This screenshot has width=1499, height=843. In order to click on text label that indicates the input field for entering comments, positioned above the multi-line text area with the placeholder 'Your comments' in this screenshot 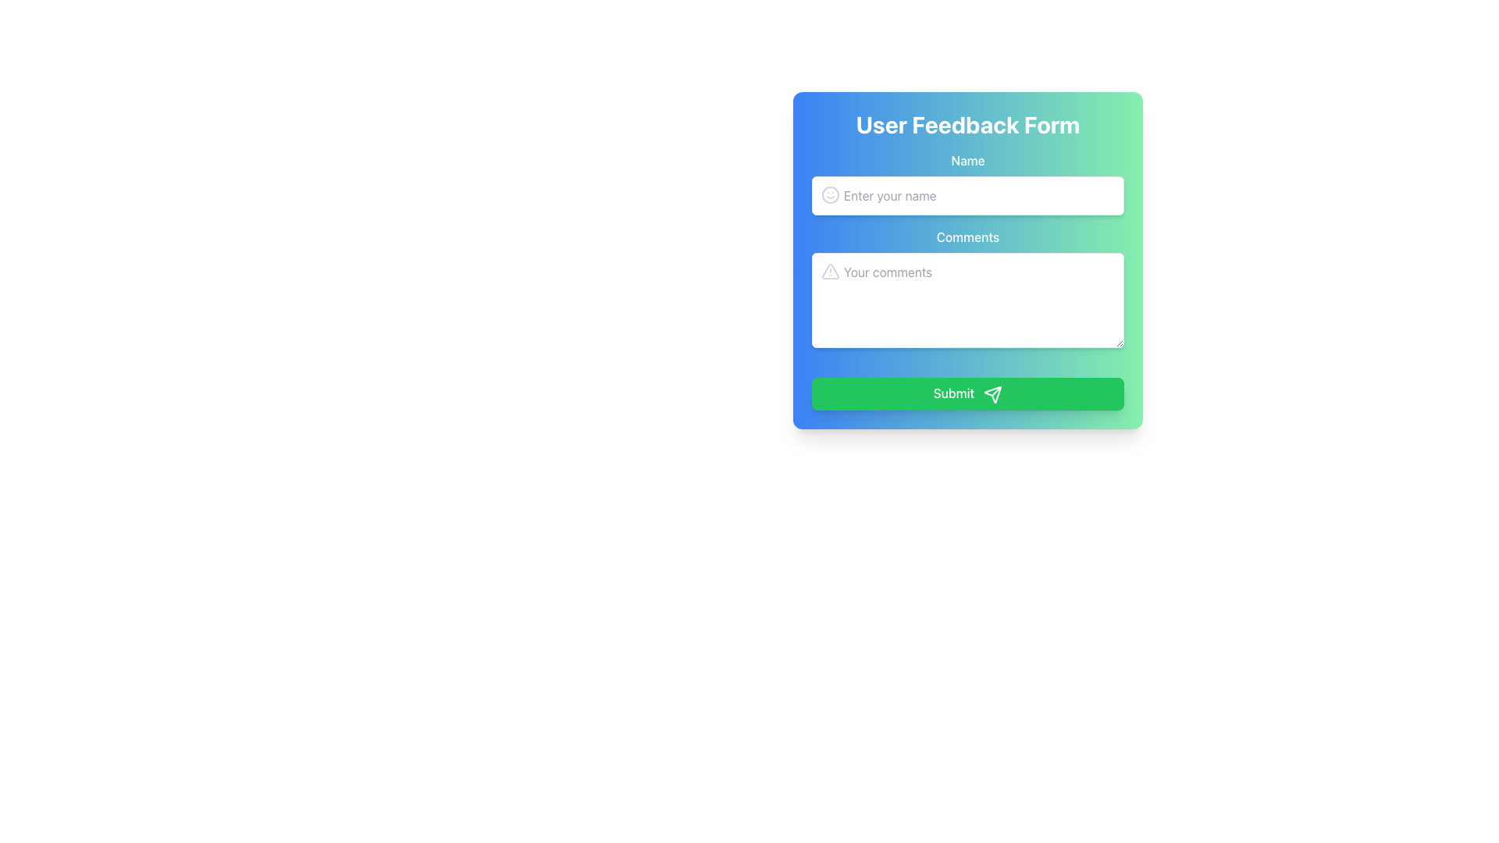, I will do `click(967, 237)`.